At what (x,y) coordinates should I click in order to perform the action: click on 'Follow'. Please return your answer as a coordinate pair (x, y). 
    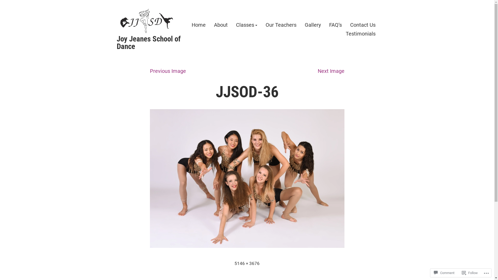
    Looking at the image, I should click on (470, 272).